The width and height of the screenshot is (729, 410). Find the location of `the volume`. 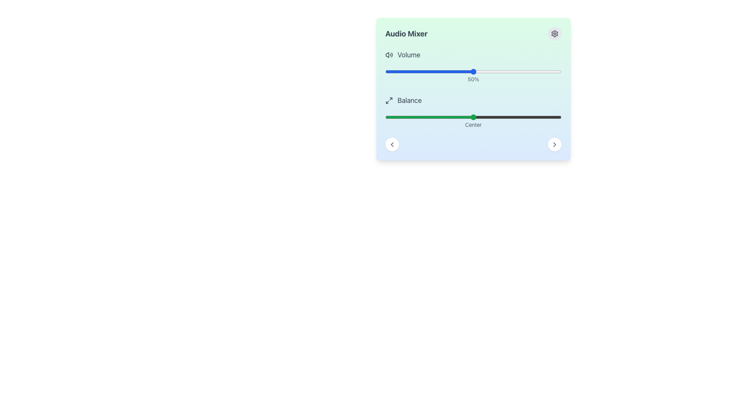

the volume is located at coordinates (461, 72).